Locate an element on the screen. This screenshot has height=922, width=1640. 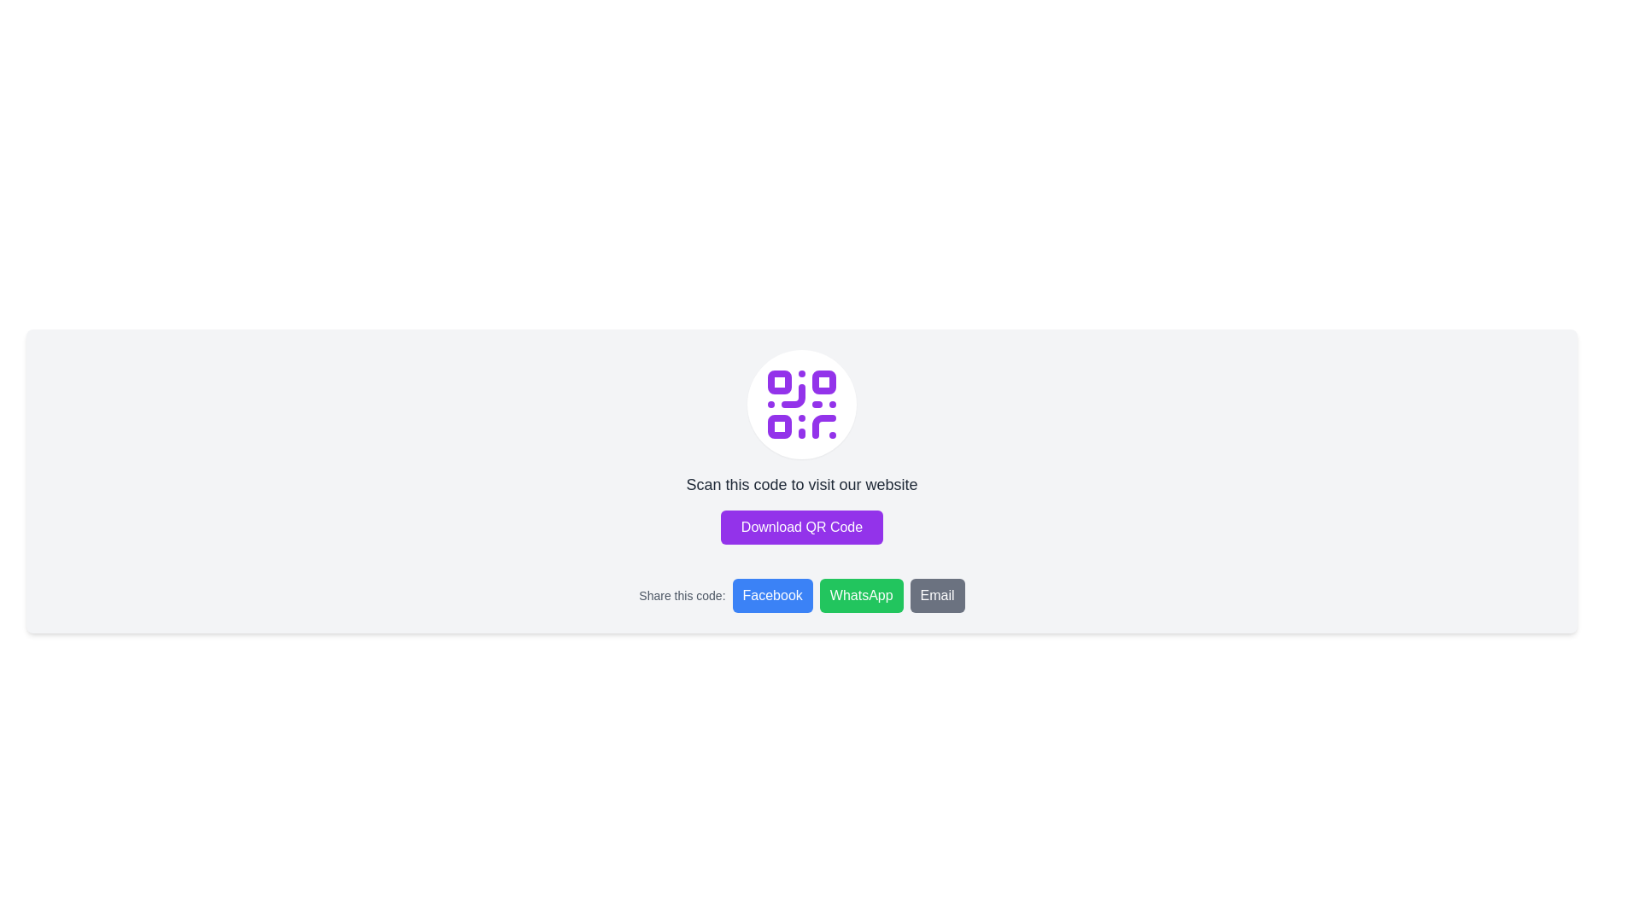
the 'Email' button, which is a rectangular button with a gray background and white text, positioned as the third button in a row below 'Share this code:' is located at coordinates (936, 595).